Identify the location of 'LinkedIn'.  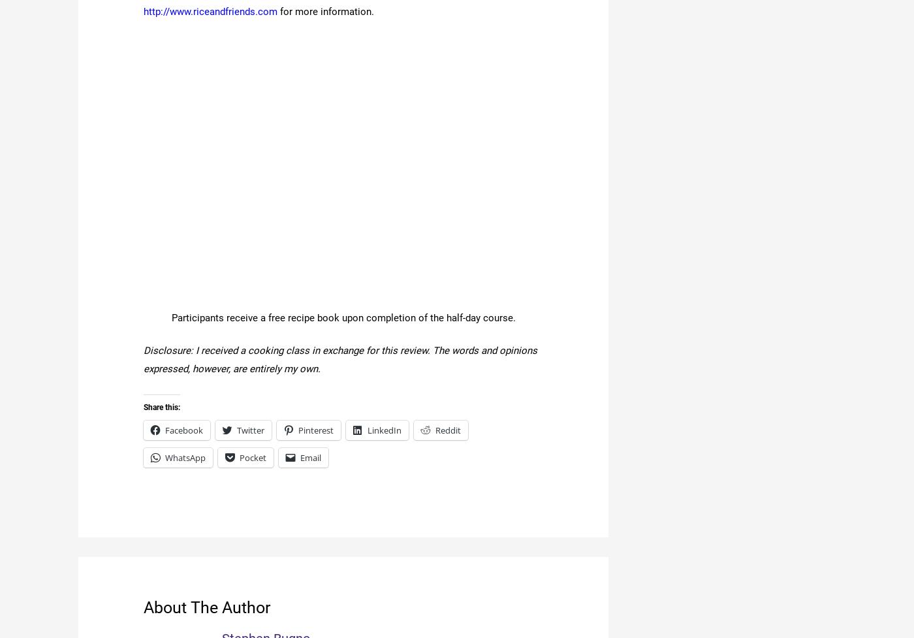
(384, 430).